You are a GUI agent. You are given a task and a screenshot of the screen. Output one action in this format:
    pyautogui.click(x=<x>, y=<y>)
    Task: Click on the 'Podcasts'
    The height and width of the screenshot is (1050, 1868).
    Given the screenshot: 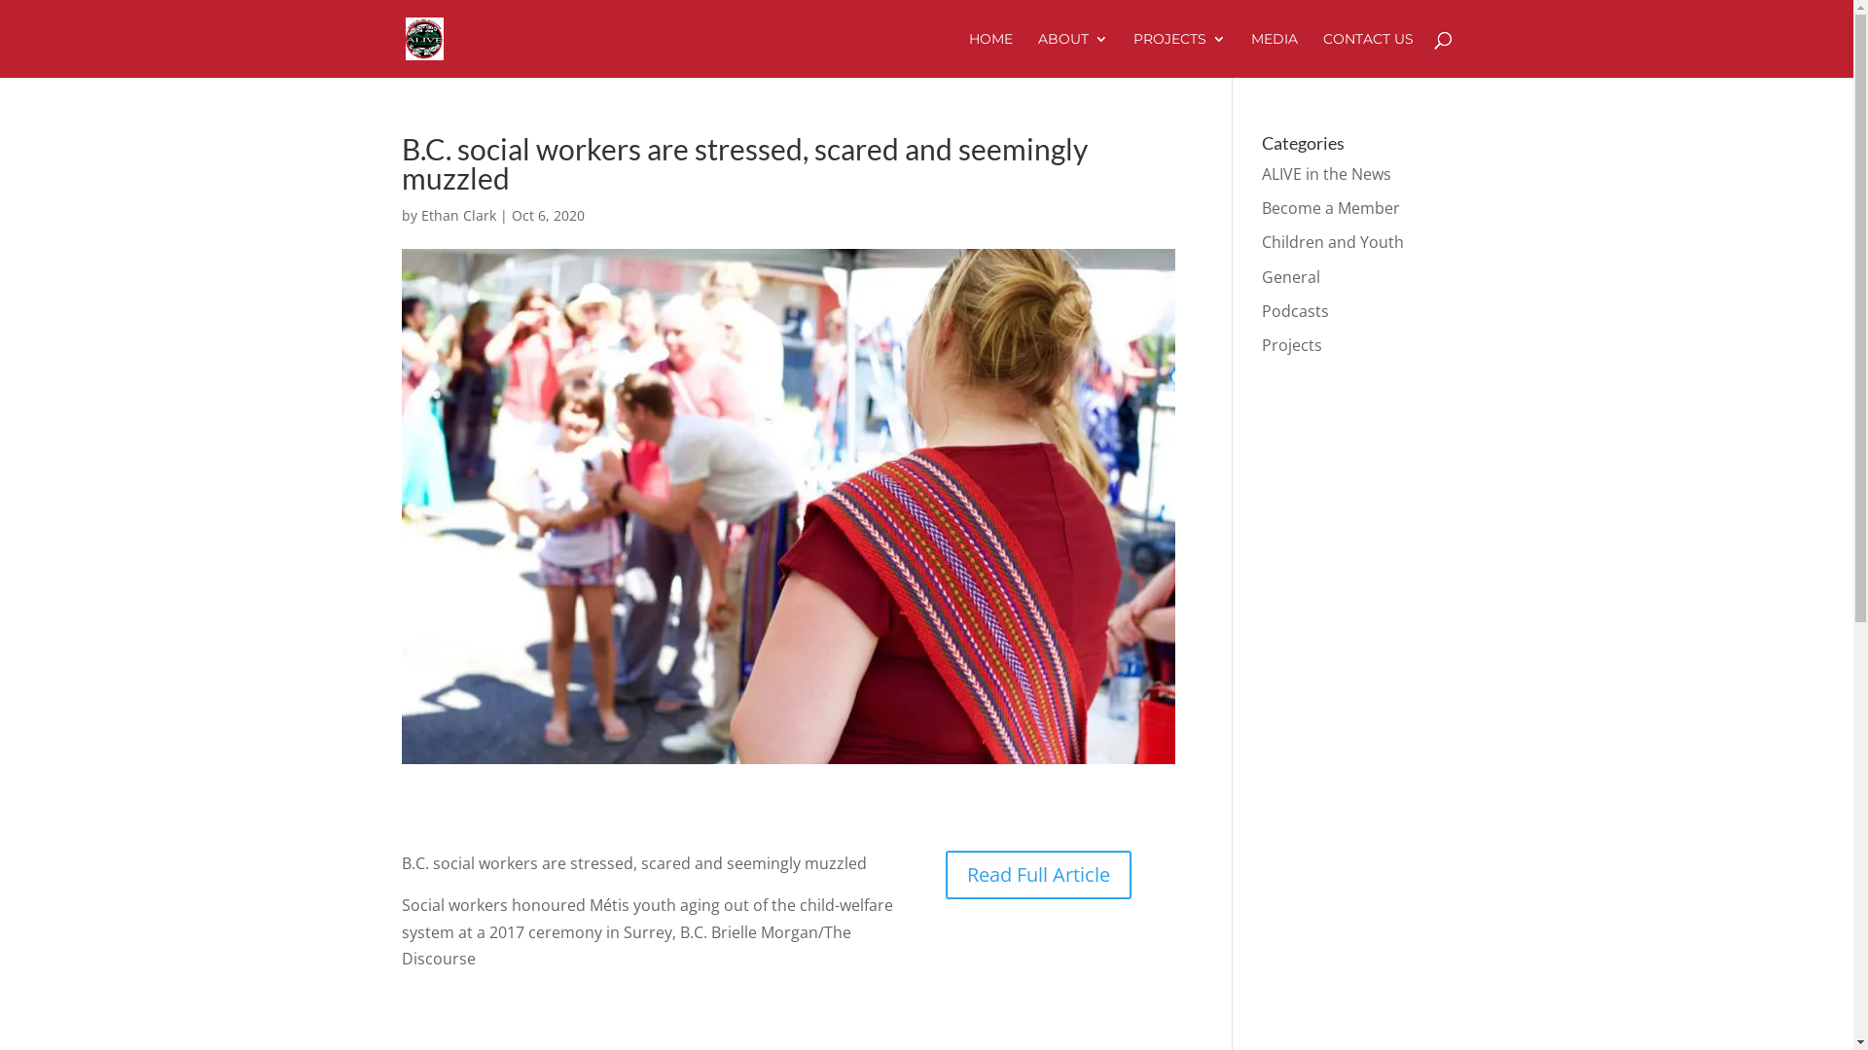 What is the action you would take?
    pyautogui.click(x=1261, y=310)
    